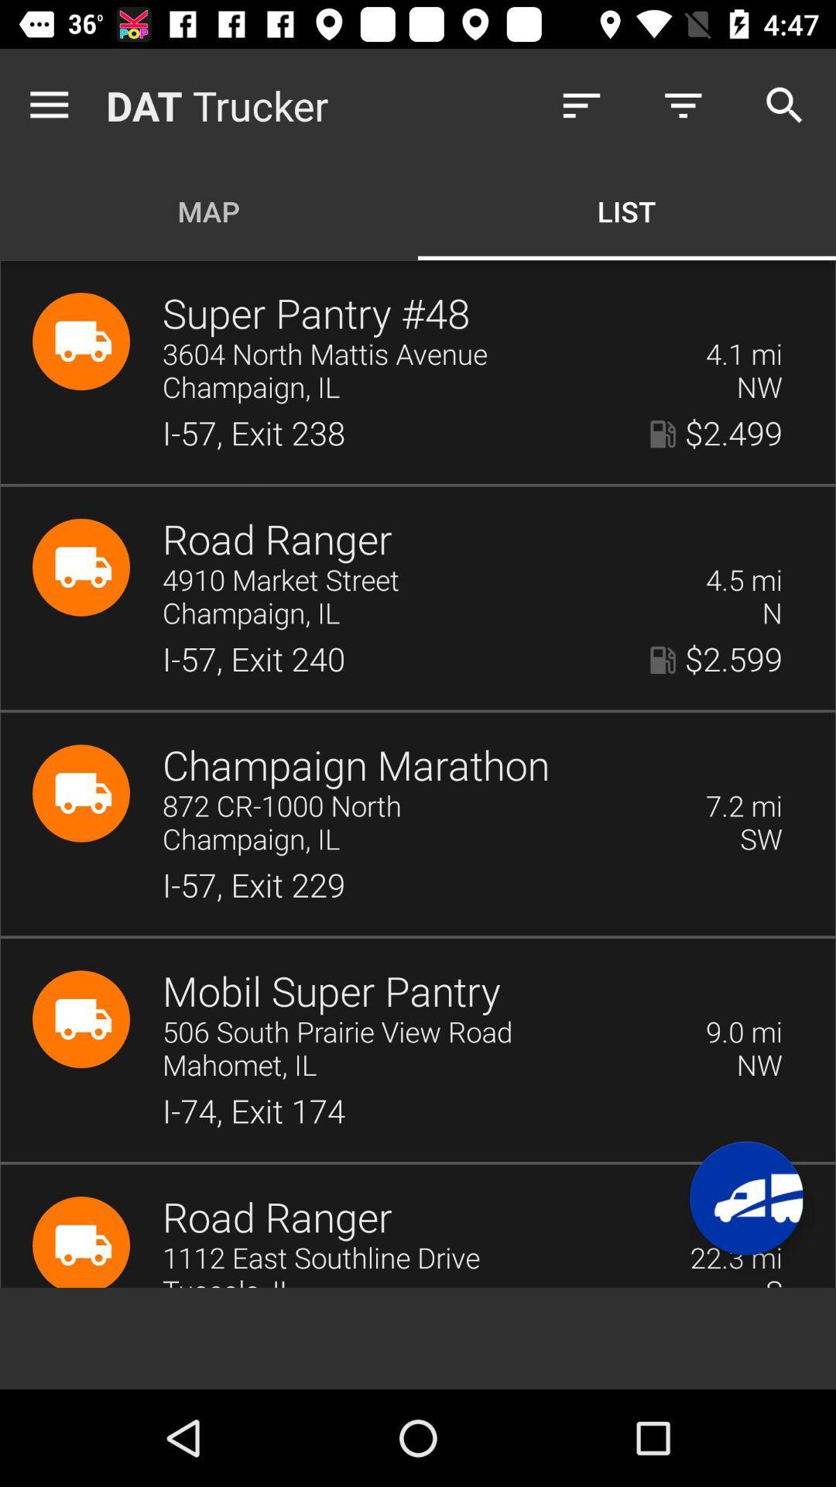 The image size is (836, 1487). Describe the element at coordinates (423, 580) in the screenshot. I see `the item next to 4.5 mi` at that location.